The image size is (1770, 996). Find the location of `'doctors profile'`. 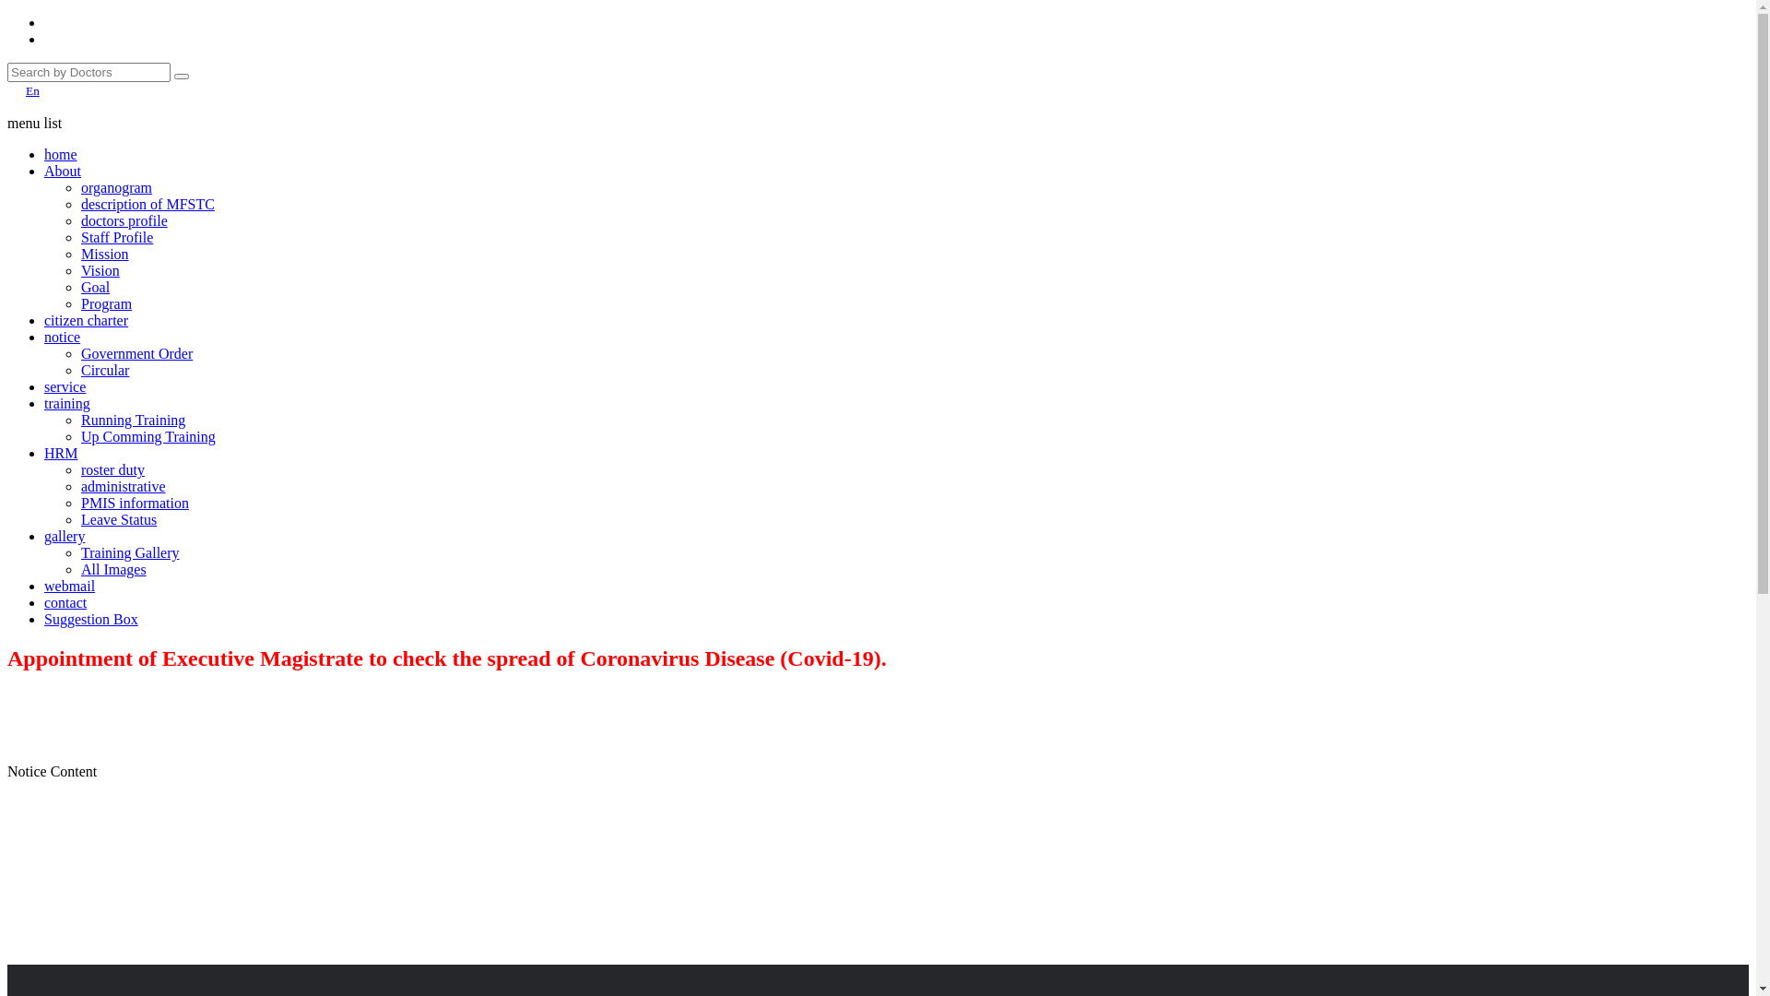

'doctors profile' is located at coordinates (123, 219).